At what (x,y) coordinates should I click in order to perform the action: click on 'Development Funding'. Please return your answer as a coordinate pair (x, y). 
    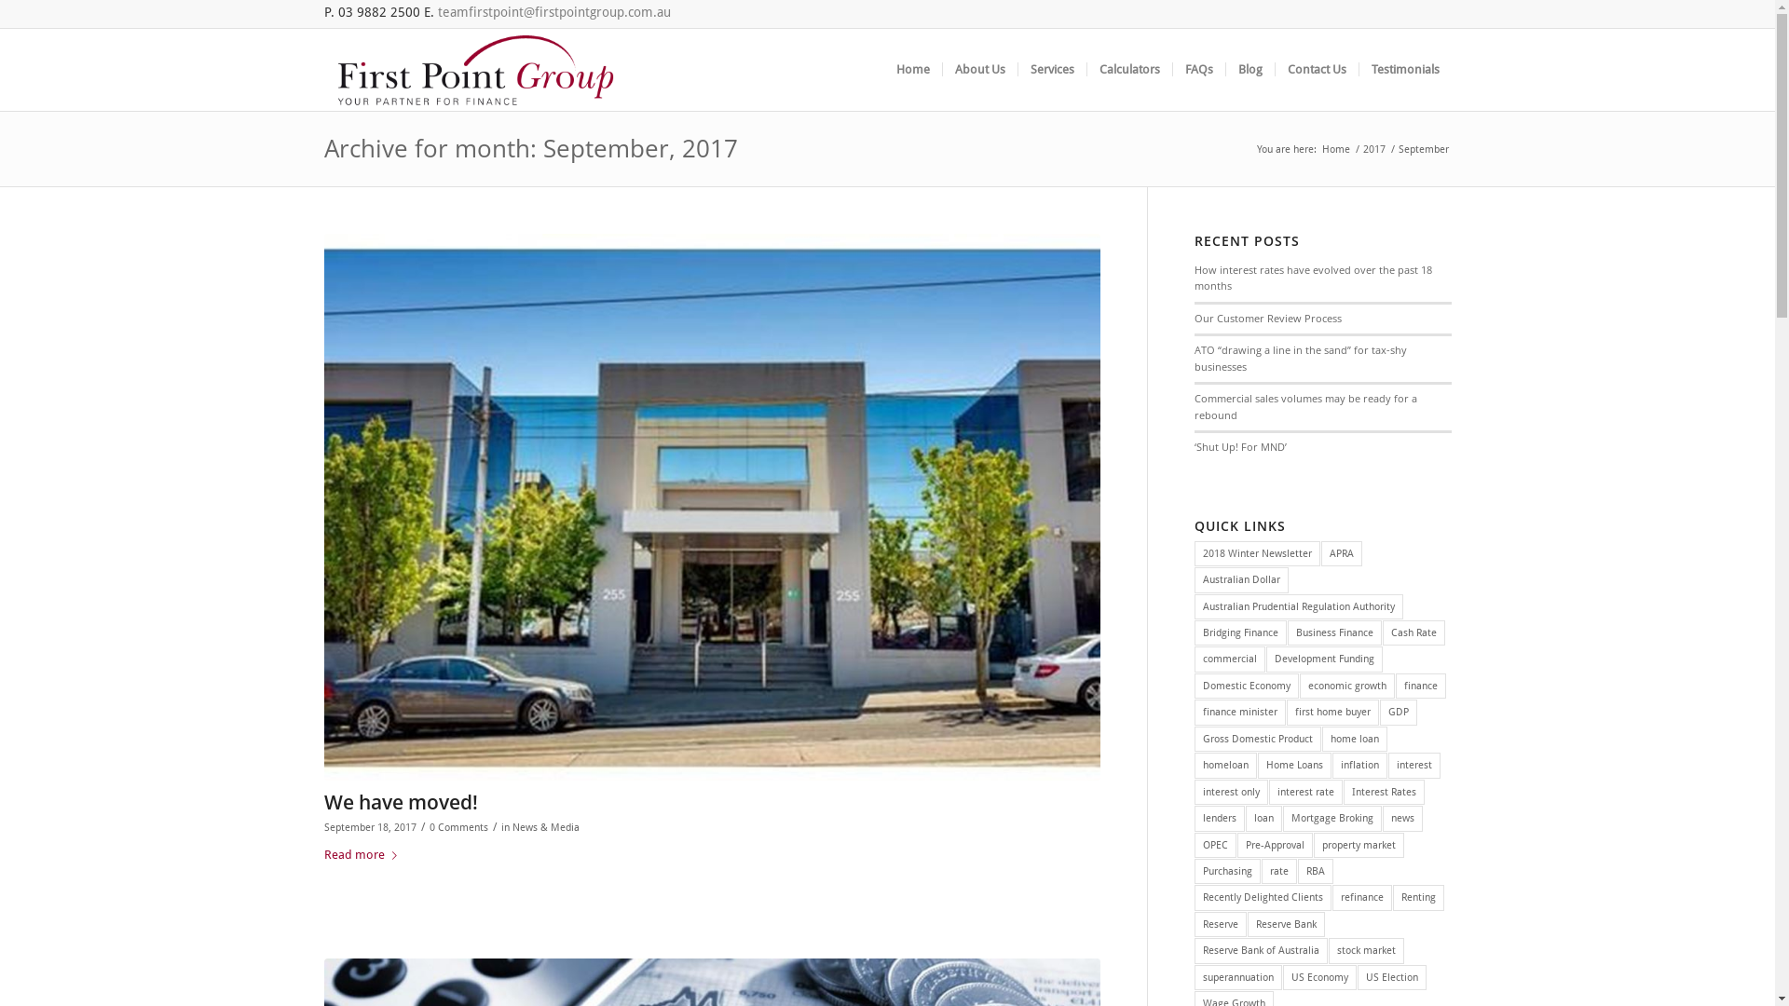
    Looking at the image, I should click on (1265, 658).